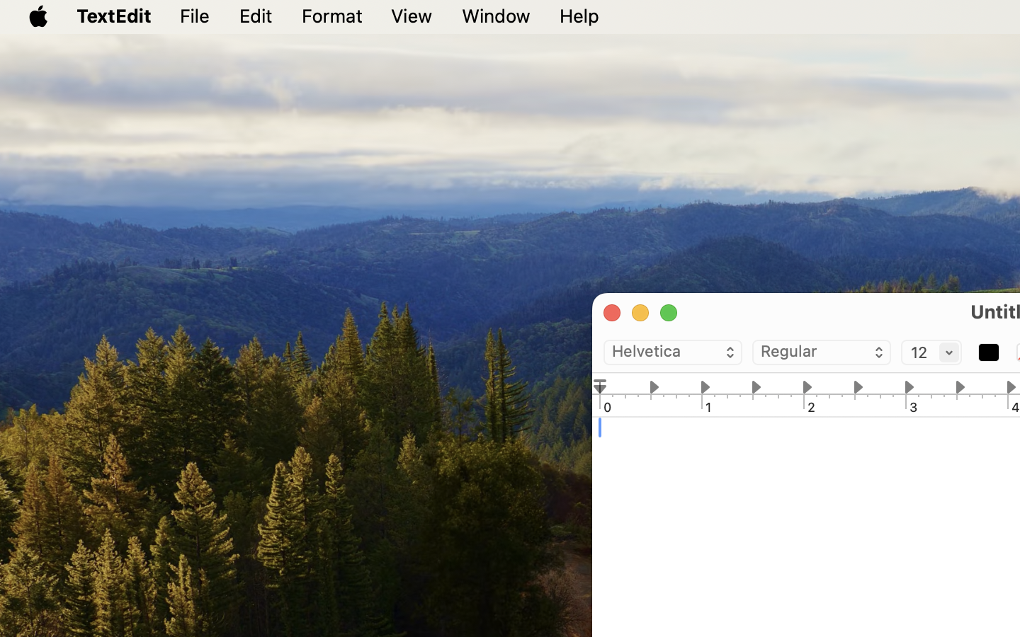 This screenshot has height=637, width=1020. I want to click on 'Regular', so click(822, 352).